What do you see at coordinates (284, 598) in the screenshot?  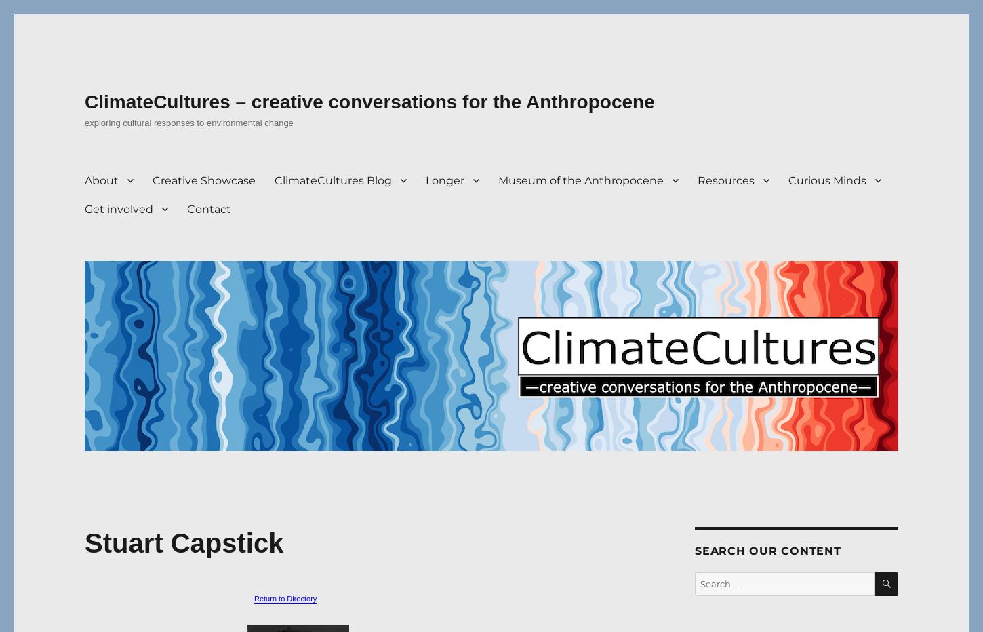 I see `'Return to Directory'` at bounding box center [284, 598].